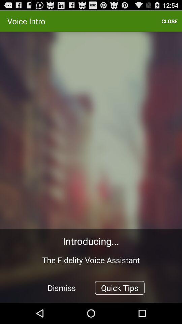 The width and height of the screenshot is (182, 324). Describe the element at coordinates (119, 287) in the screenshot. I see `the item below the the fidelity voice icon` at that location.